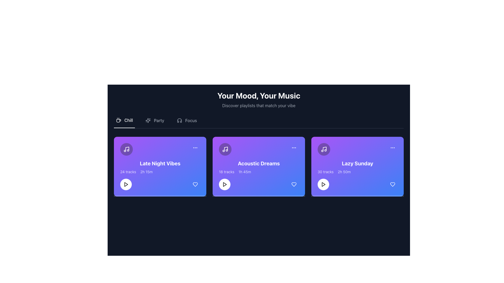 This screenshot has height=283, width=504. What do you see at coordinates (357, 163) in the screenshot?
I see `text label displaying 'Lazy Sunday', which is centrally positioned in the third card of the playlist under the 'Chill' category` at bounding box center [357, 163].